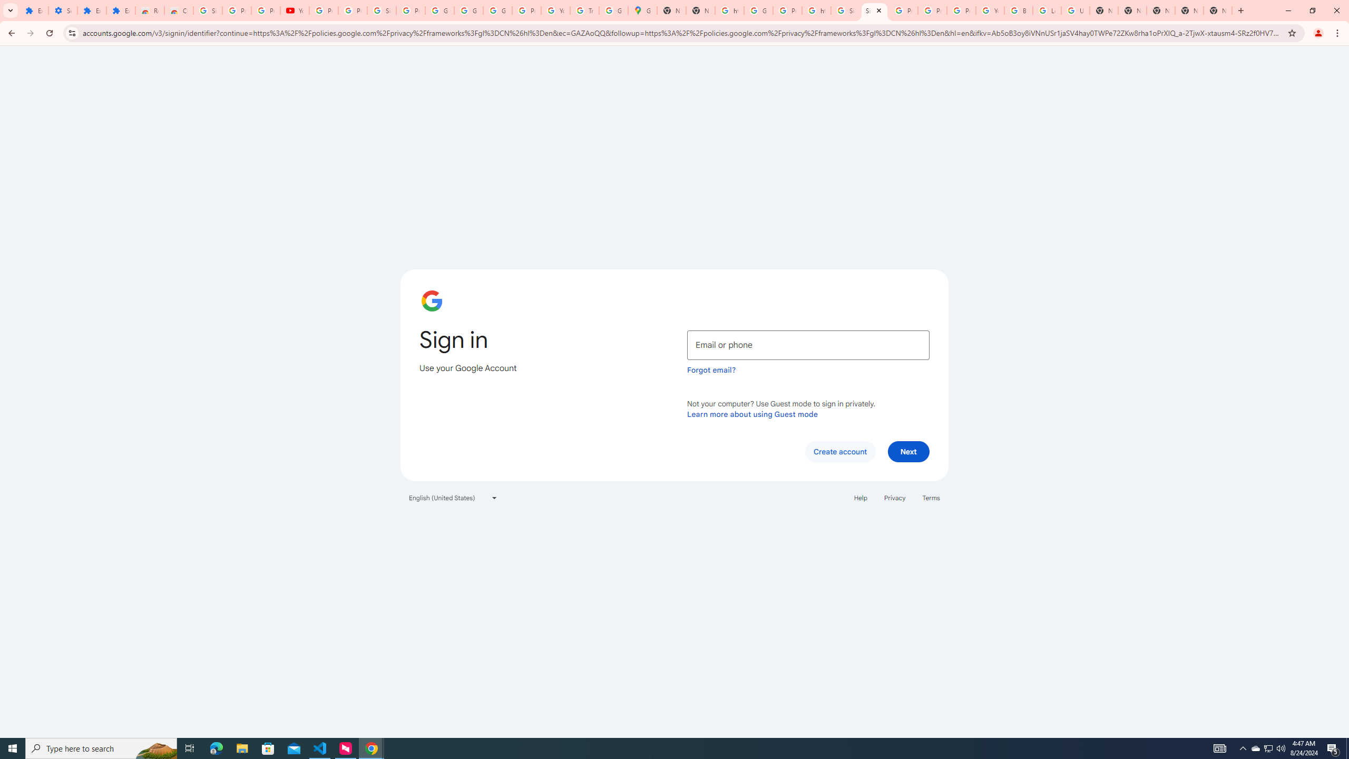 Image resolution: width=1349 pixels, height=759 pixels. Describe the element at coordinates (439, 10) in the screenshot. I see `'Google Account'` at that location.